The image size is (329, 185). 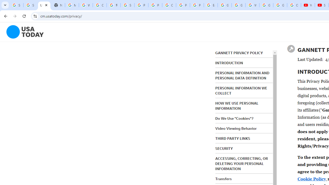 I want to click on 'HOW WE USE PERSONAL INFORMATION', so click(x=236, y=106).